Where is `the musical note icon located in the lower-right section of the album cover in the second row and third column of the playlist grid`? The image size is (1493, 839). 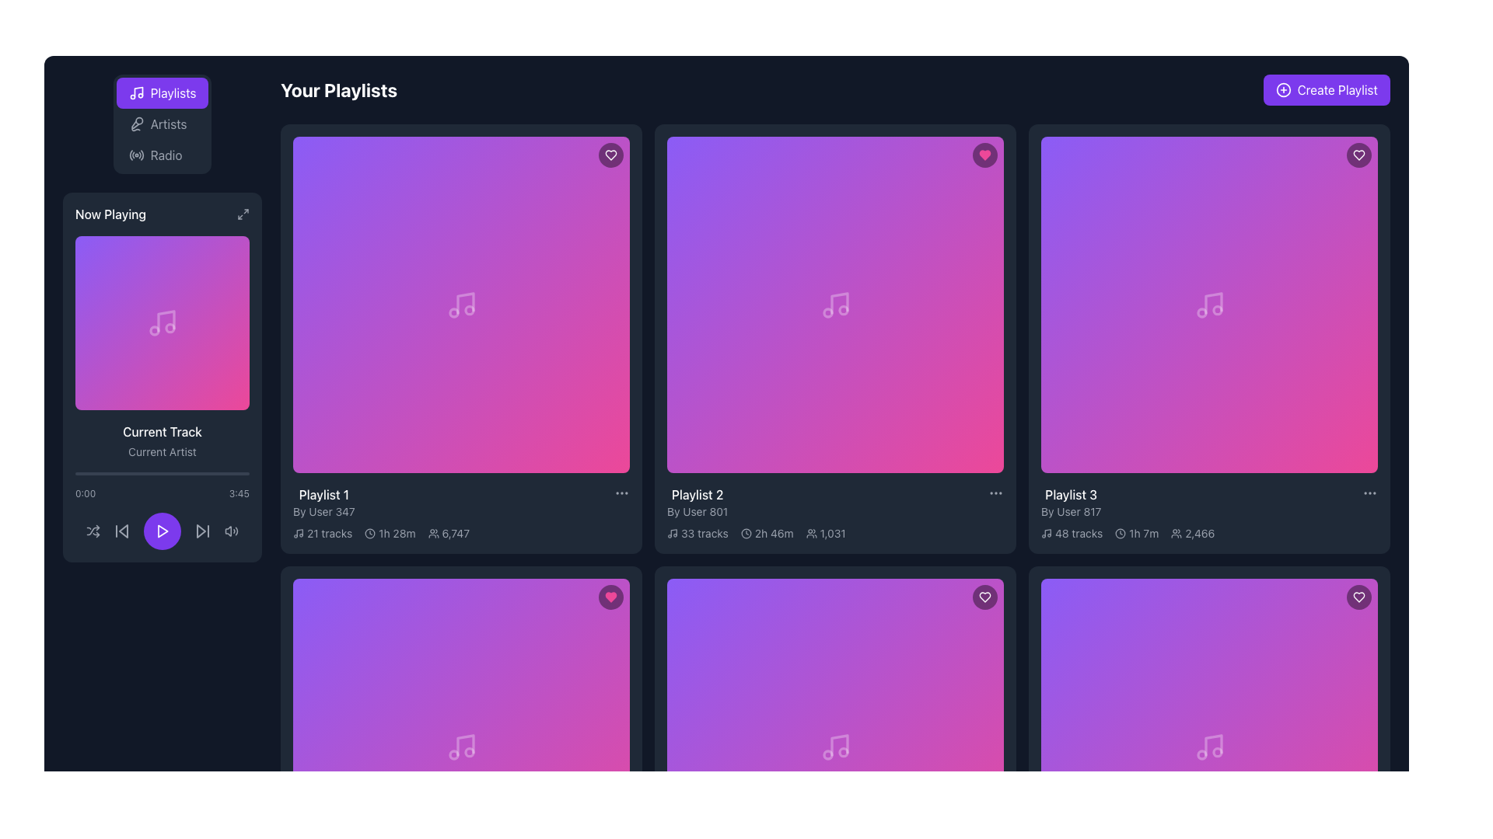
the musical note icon located in the lower-right section of the album cover in the second row and third column of the playlist grid is located at coordinates (464, 744).